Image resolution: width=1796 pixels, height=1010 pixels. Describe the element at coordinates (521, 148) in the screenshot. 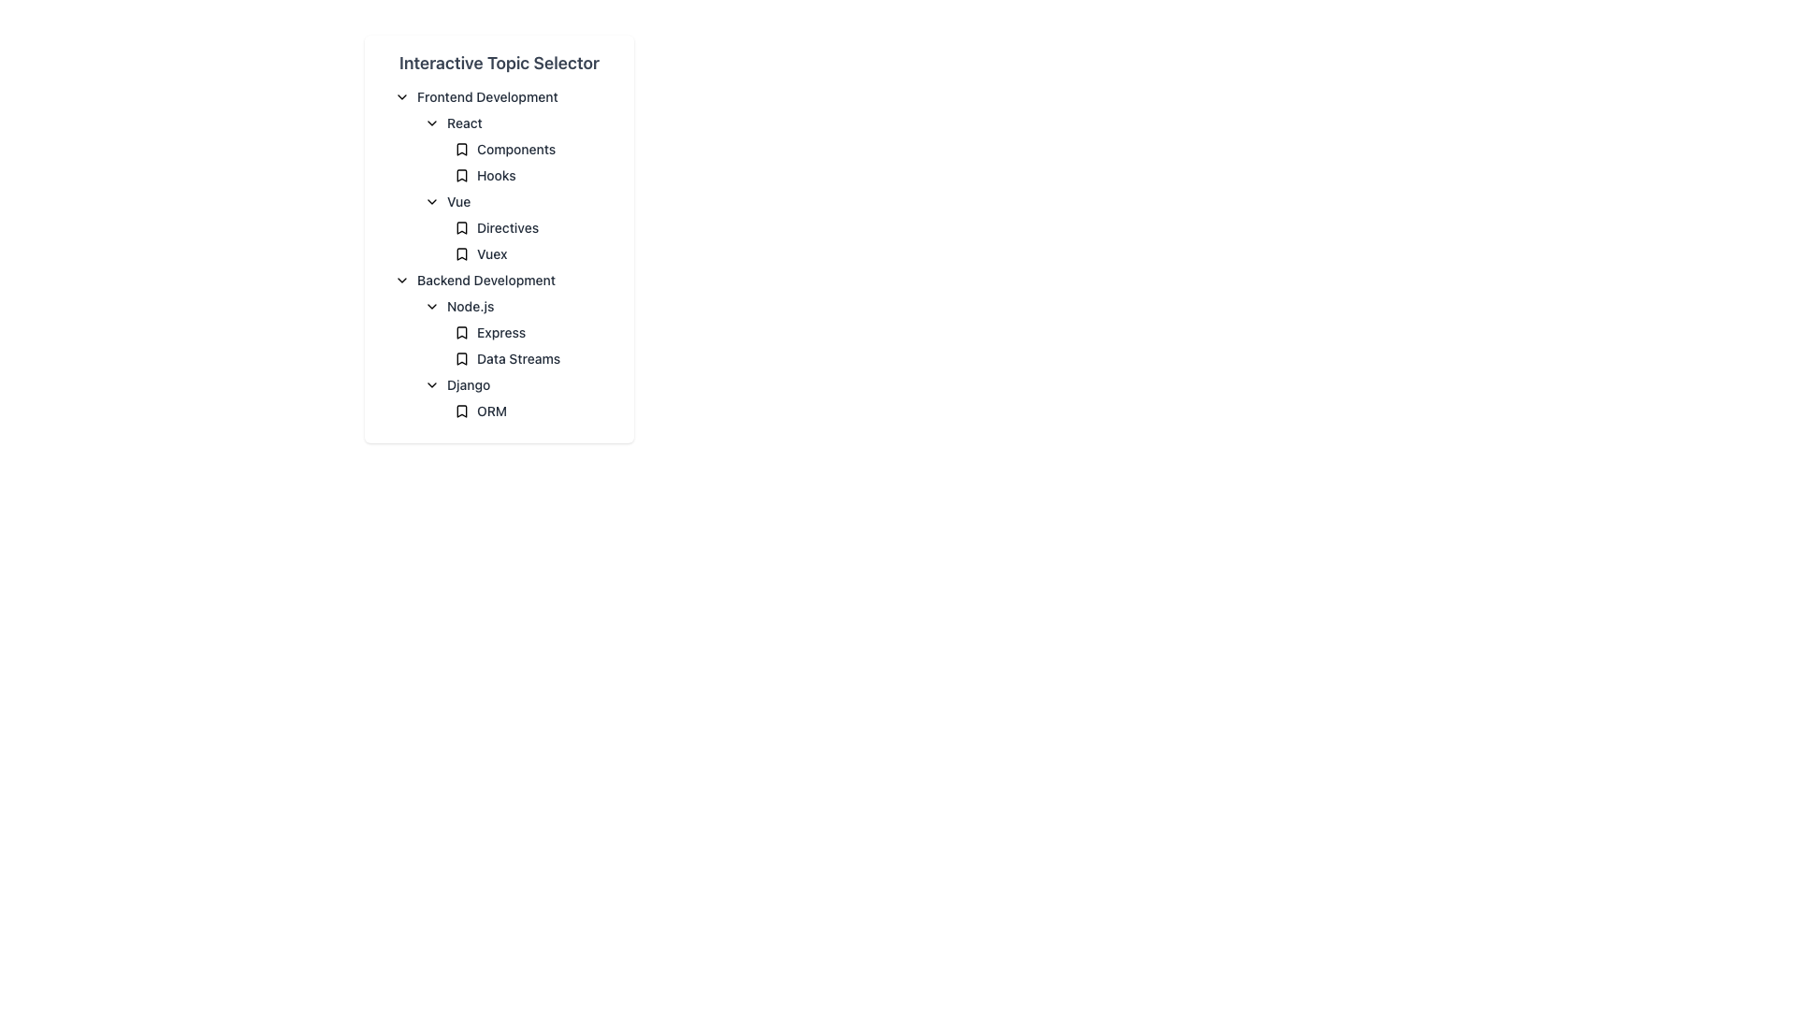

I see `the 'Components' label with icon under the 'React' section in the navigation menu` at that location.